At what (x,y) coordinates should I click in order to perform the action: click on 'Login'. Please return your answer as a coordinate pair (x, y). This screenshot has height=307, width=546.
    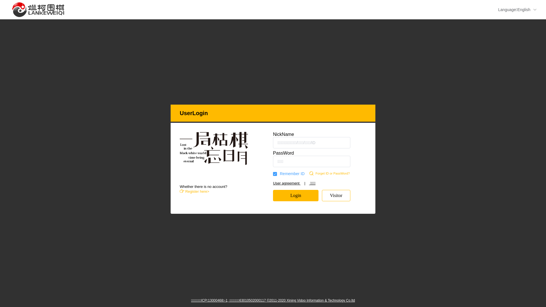
    Looking at the image, I should click on (296, 195).